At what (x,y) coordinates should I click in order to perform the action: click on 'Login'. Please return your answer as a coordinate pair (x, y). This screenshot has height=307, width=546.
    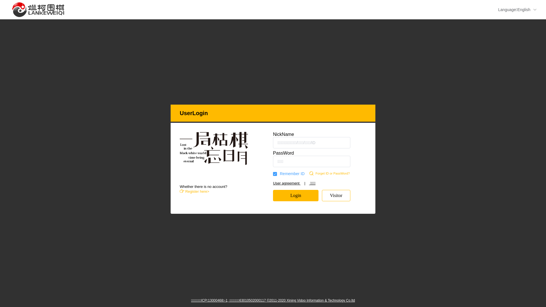
    Looking at the image, I should click on (296, 195).